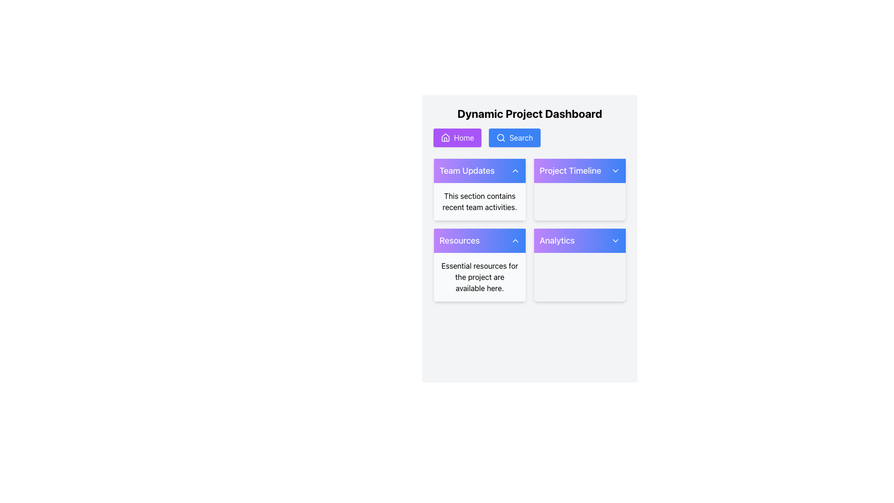 This screenshot has height=503, width=894. What do you see at coordinates (615, 240) in the screenshot?
I see `the downward-pointing chevron icon in the top-right corner of the 'Analytics' box` at bounding box center [615, 240].